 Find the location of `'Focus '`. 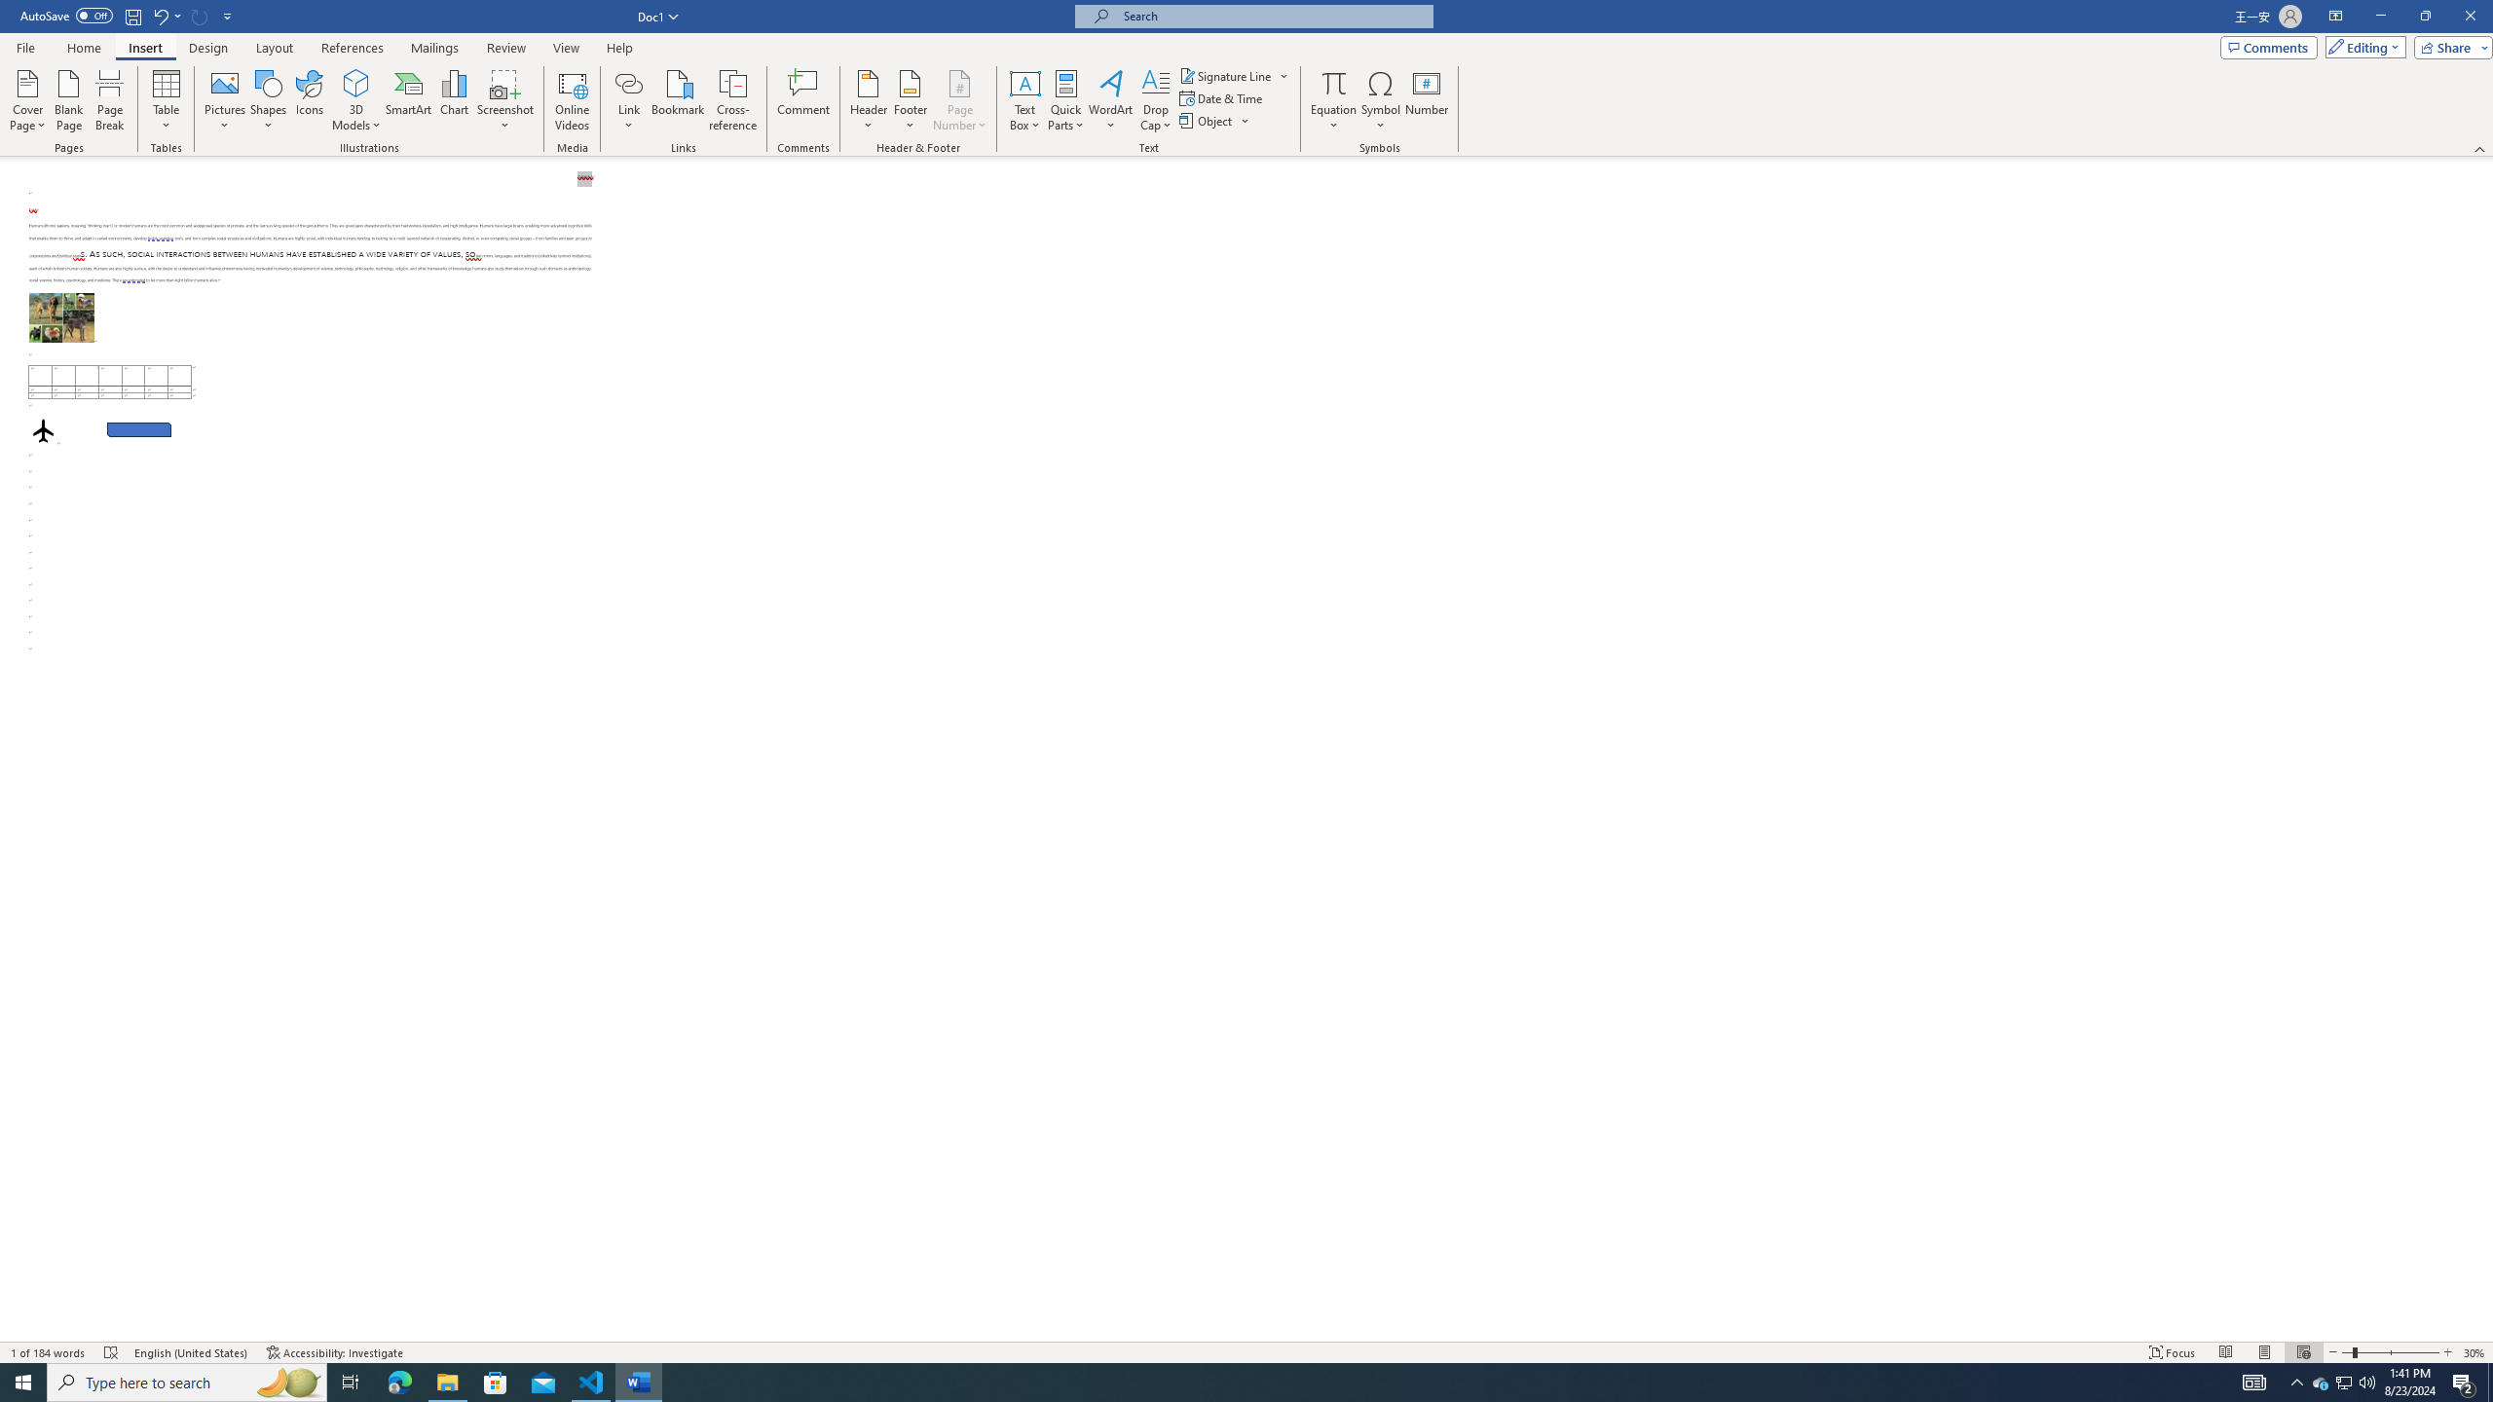

'Focus ' is located at coordinates (2172, 1352).